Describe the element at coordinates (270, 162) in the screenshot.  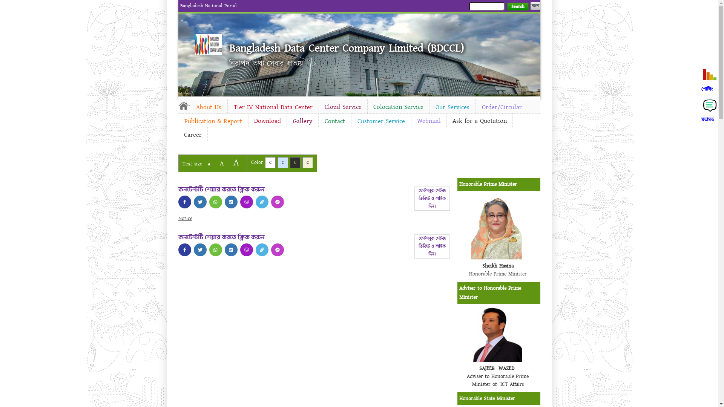
I see `'C'` at that location.